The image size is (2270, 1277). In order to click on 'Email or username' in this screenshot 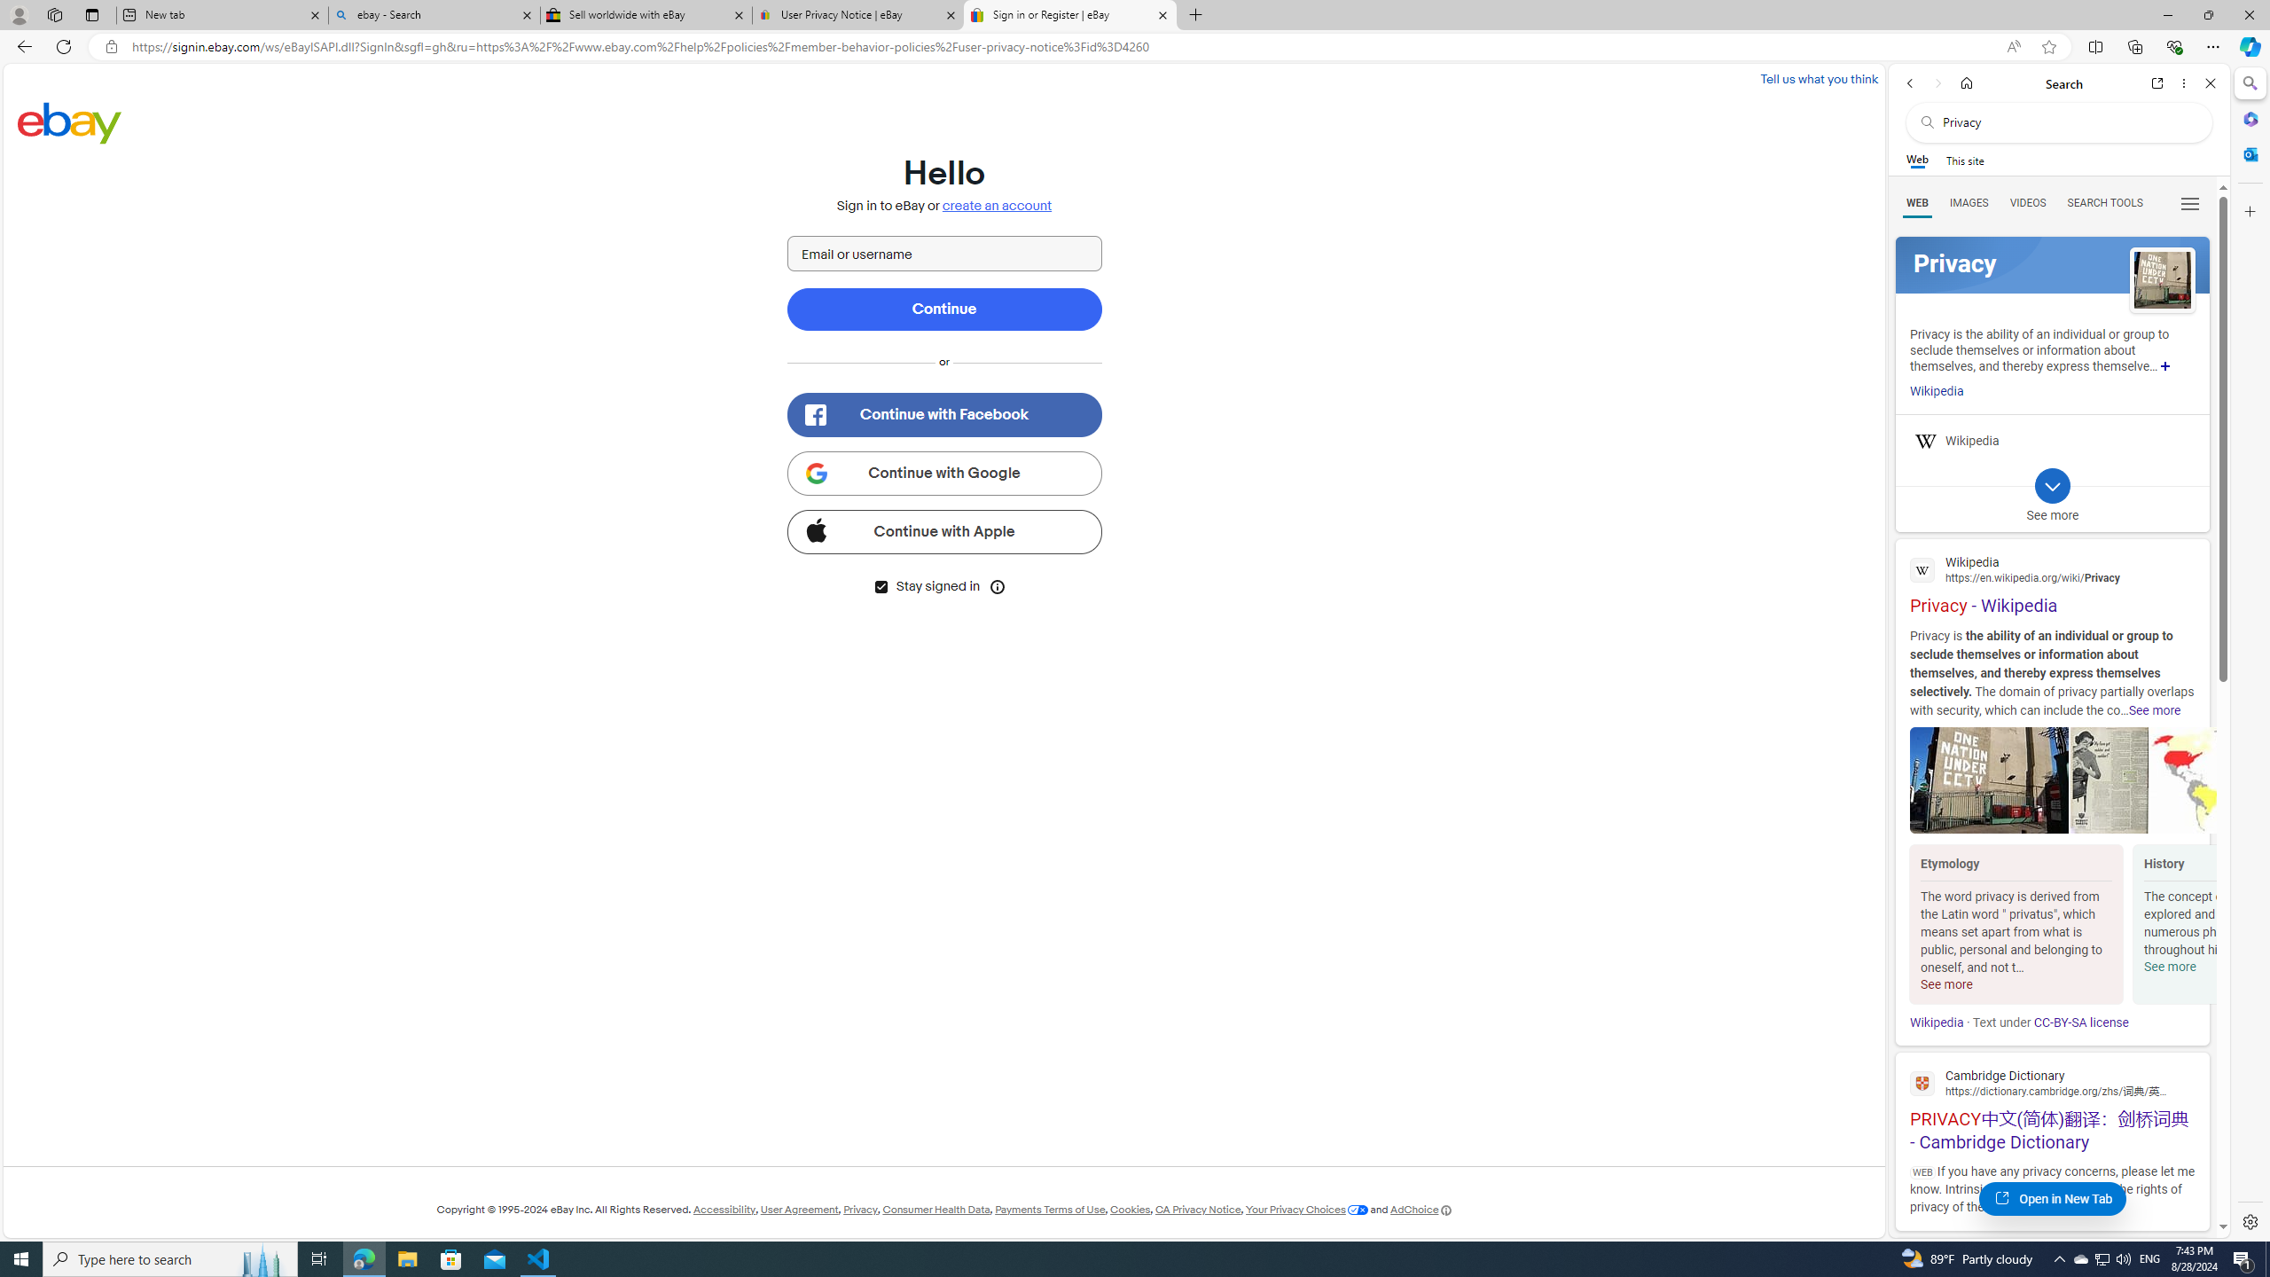, I will do `click(943, 252)`.